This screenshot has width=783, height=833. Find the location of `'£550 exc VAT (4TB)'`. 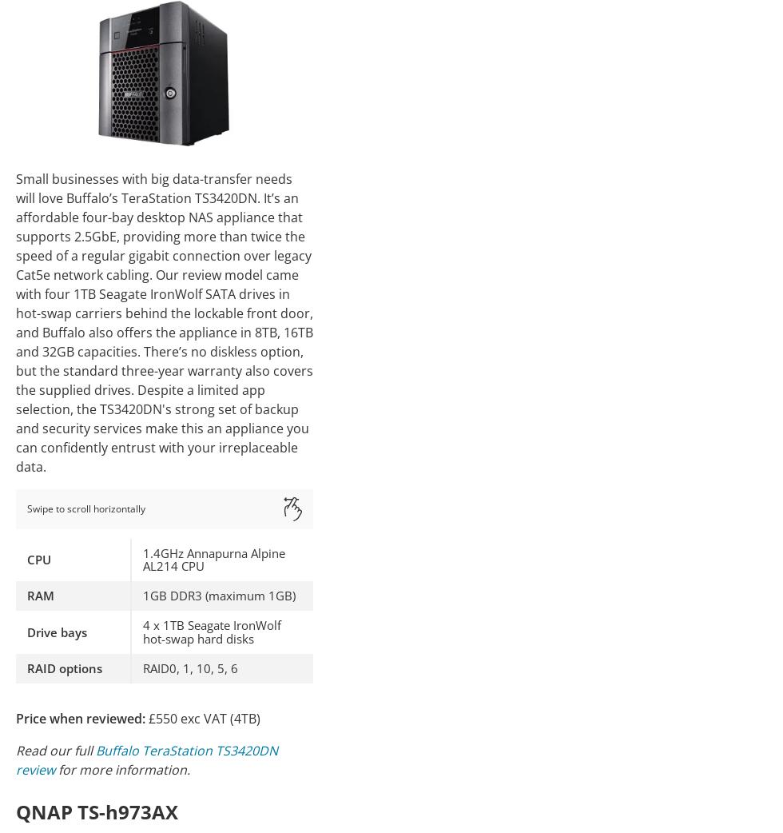

'£550 exc VAT (4TB)' is located at coordinates (203, 716).